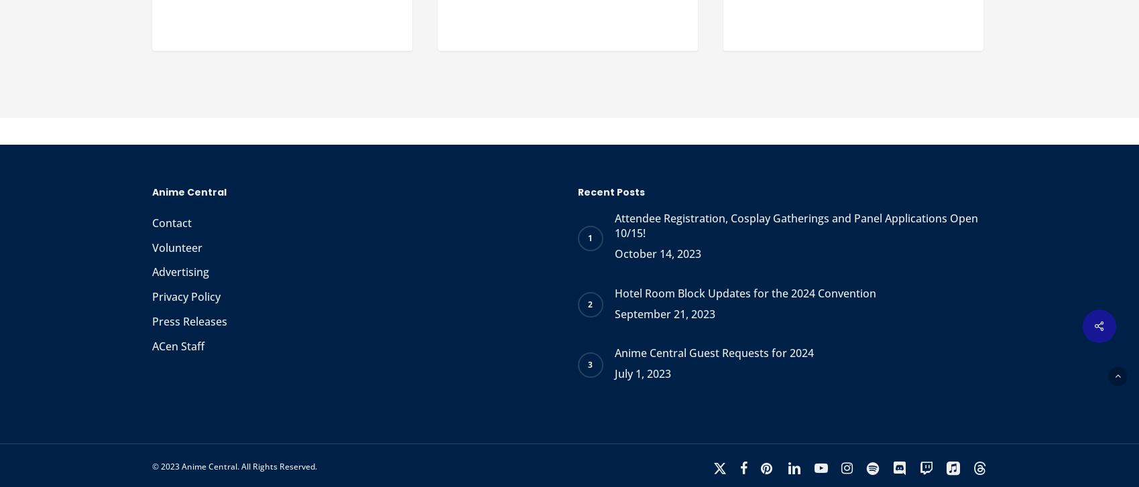 This screenshot has height=487, width=1139. What do you see at coordinates (152, 192) in the screenshot?
I see `'Anime Central'` at bounding box center [152, 192].